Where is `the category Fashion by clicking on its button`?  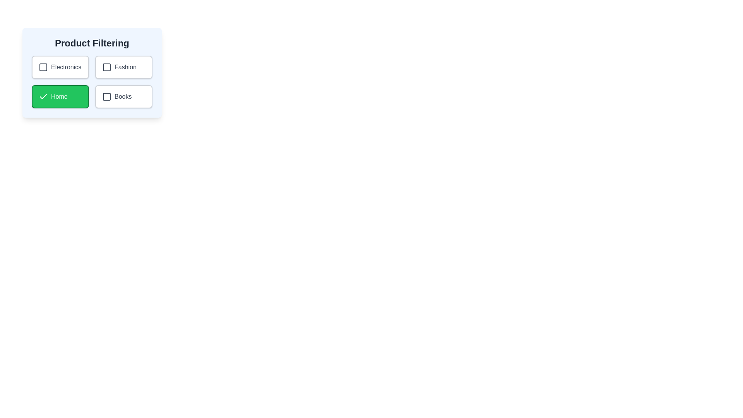 the category Fashion by clicking on its button is located at coordinates (124, 67).